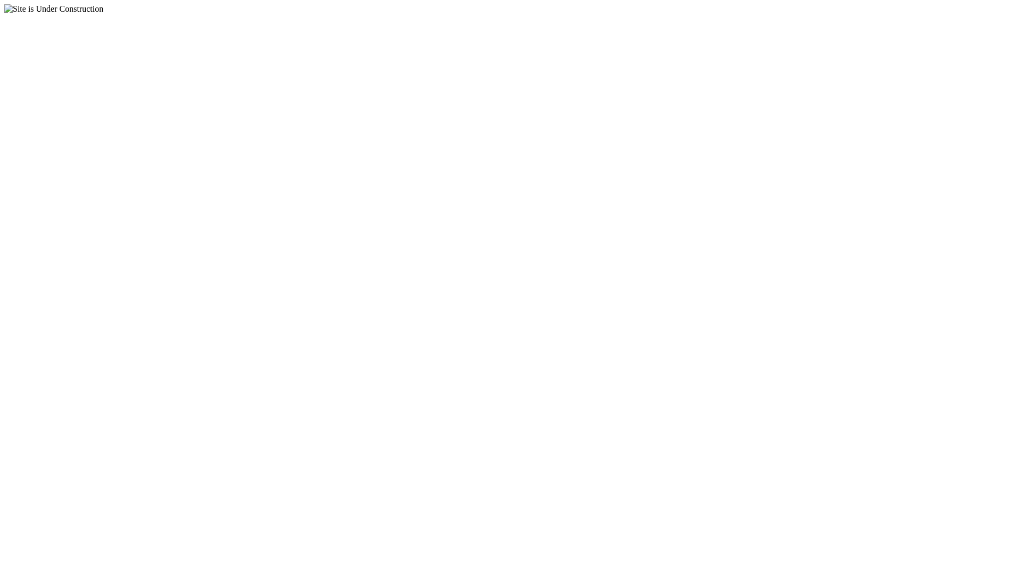 The image size is (1022, 575). I want to click on 'Site is Under Construction', so click(53, 9).